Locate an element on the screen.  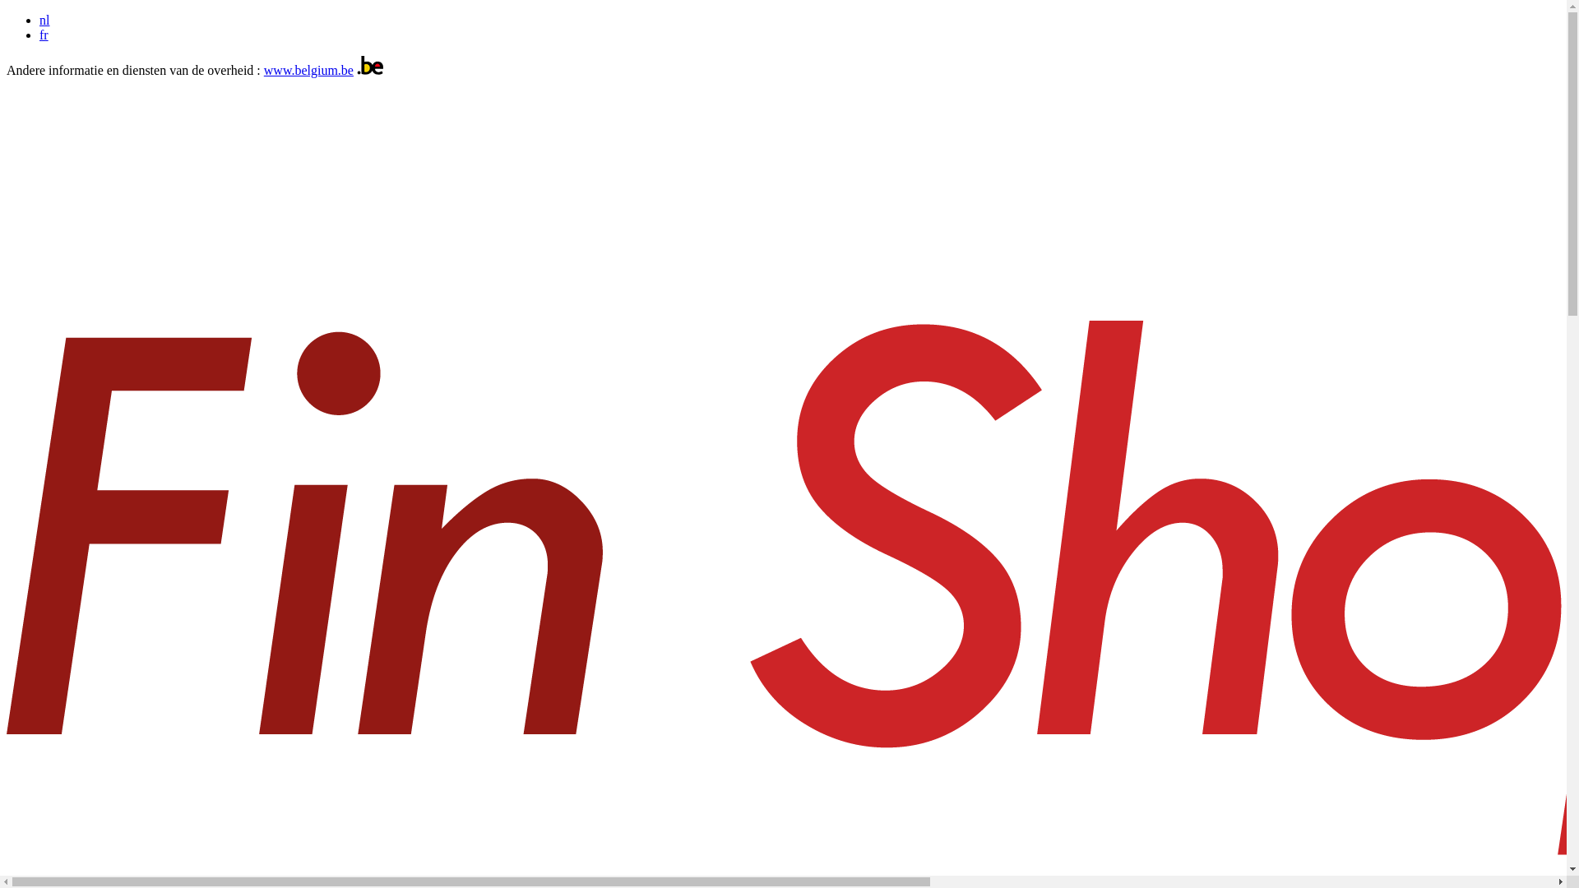
'nl' is located at coordinates (44, 20).